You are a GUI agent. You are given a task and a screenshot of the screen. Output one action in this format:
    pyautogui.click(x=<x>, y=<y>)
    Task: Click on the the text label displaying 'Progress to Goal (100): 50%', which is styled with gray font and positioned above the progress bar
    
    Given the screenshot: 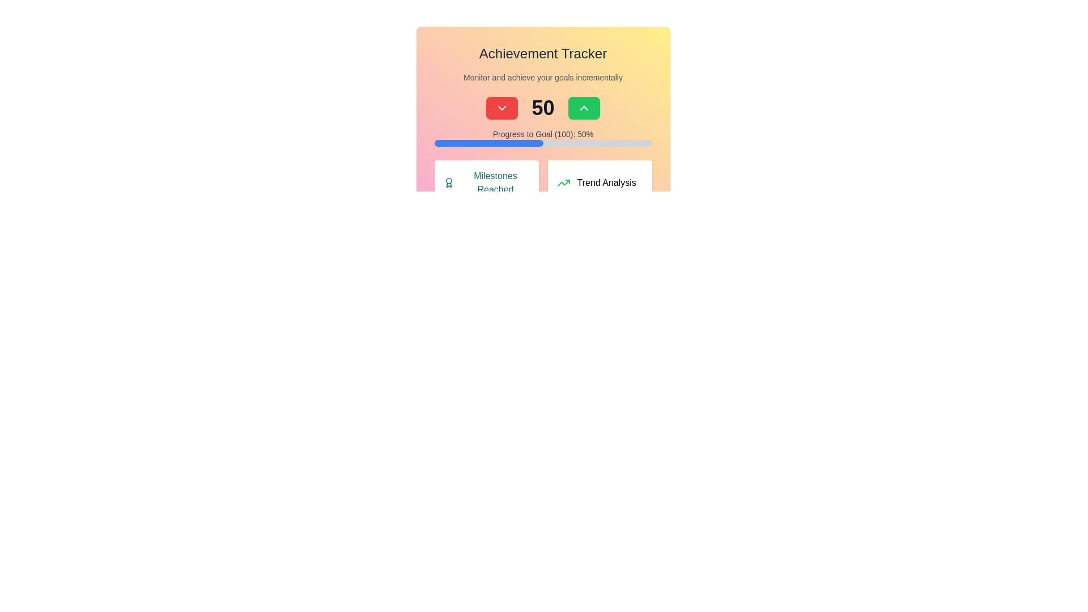 What is the action you would take?
    pyautogui.click(x=542, y=133)
    